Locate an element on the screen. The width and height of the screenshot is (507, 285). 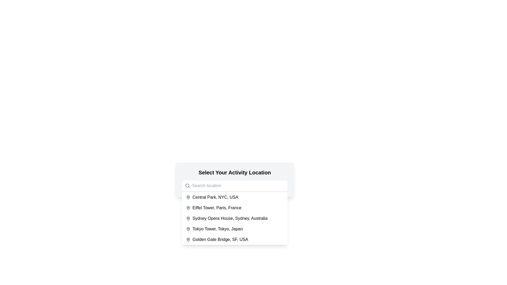
the map pin icon representing 'Tokyo Tower, Tokyo, Japan' in the dropdown list is located at coordinates (188, 229).